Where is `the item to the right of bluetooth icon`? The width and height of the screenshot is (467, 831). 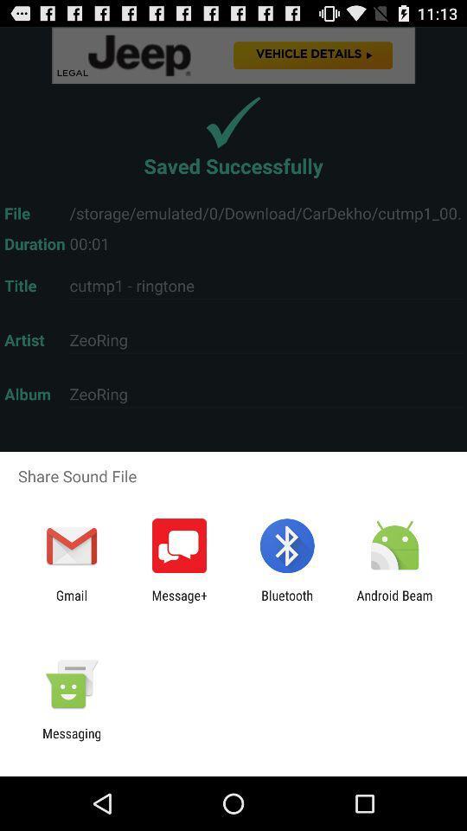 the item to the right of bluetooth icon is located at coordinates (394, 602).